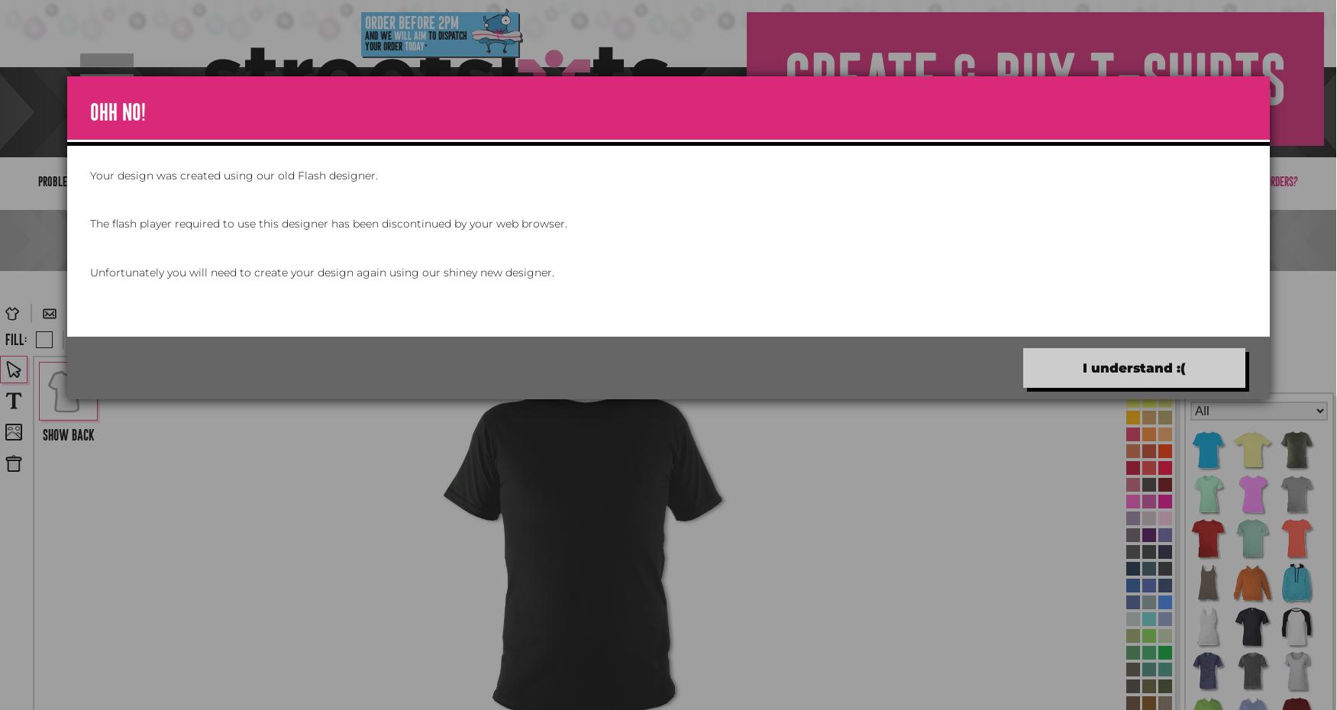 Image resolution: width=1337 pixels, height=710 pixels. Describe the element at coordinates (425, 45) in the screenshot. I see `'*'` at that location.